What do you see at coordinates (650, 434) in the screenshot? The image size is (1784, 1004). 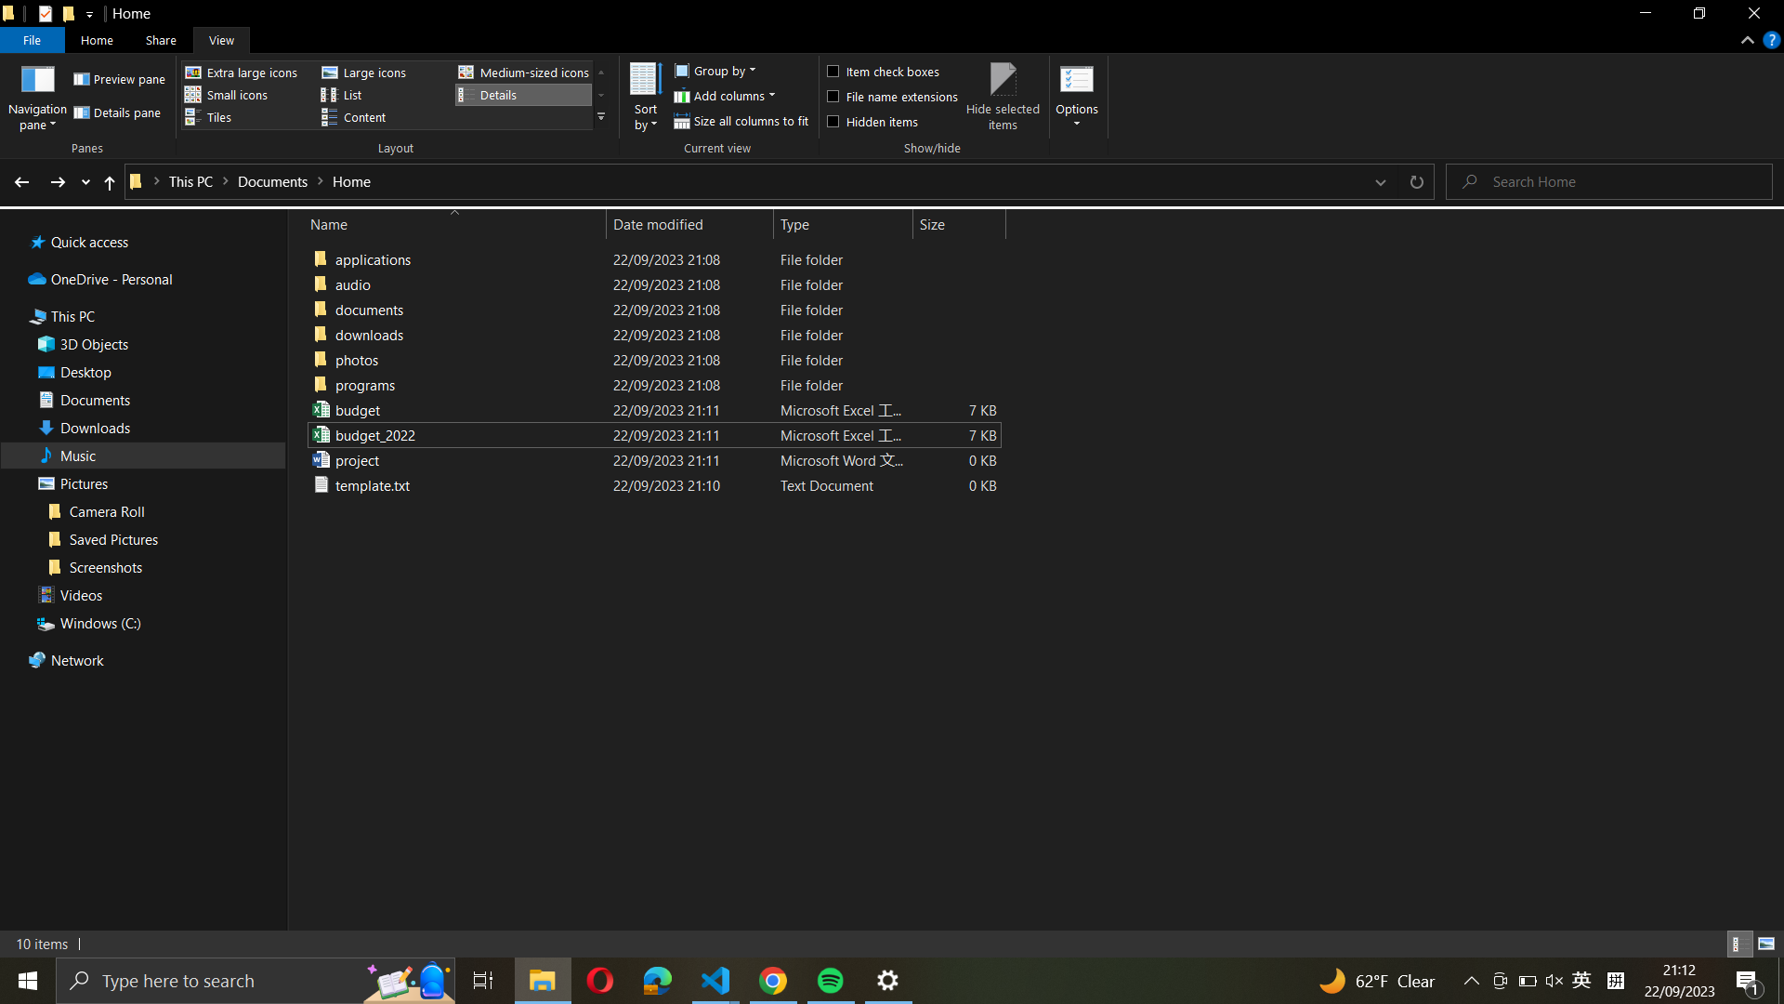 I see `the "budget_2022_excel_file" by double-clicking it` at bounding box center [650, 434].